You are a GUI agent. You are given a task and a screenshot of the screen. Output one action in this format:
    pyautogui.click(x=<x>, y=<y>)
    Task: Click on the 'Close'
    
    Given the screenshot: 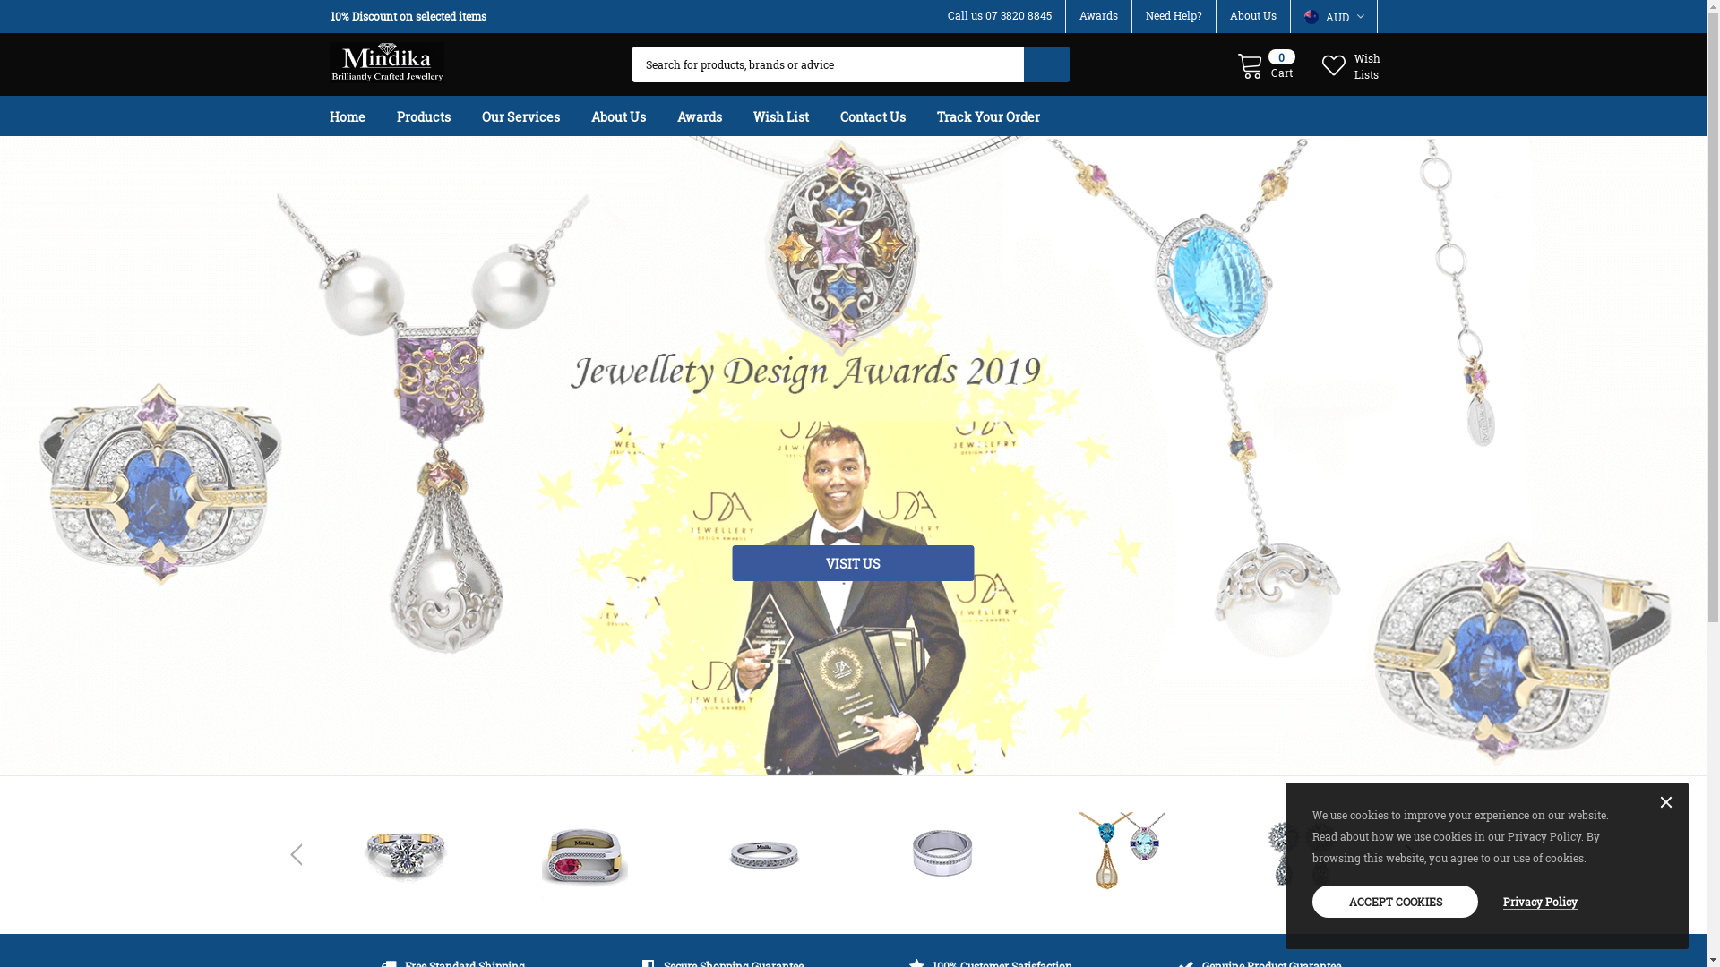 What is the action you would take?
    pyautogui.click(x=1665, y=802)
    